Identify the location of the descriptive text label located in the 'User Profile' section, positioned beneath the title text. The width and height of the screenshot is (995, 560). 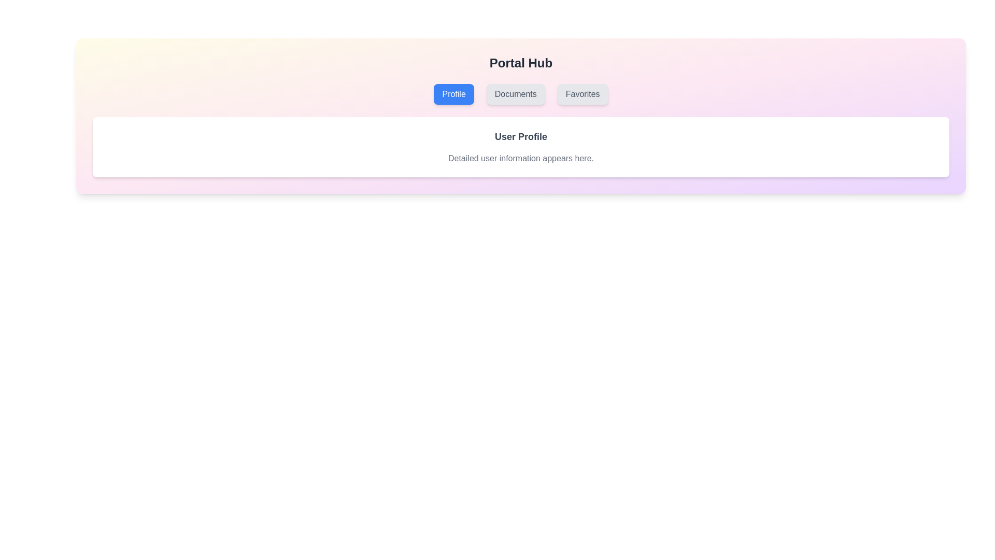
(521, 158).